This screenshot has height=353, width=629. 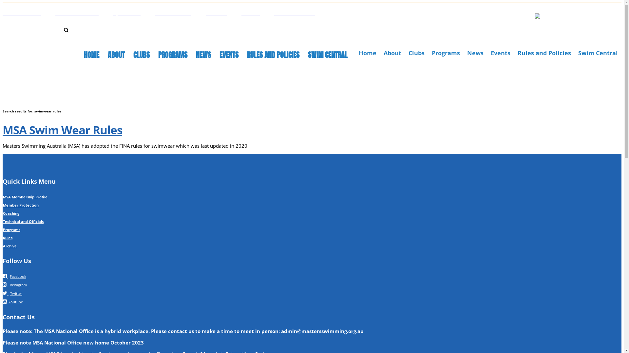 I want to click on 'Swim Central', so click(x=578, y=53).